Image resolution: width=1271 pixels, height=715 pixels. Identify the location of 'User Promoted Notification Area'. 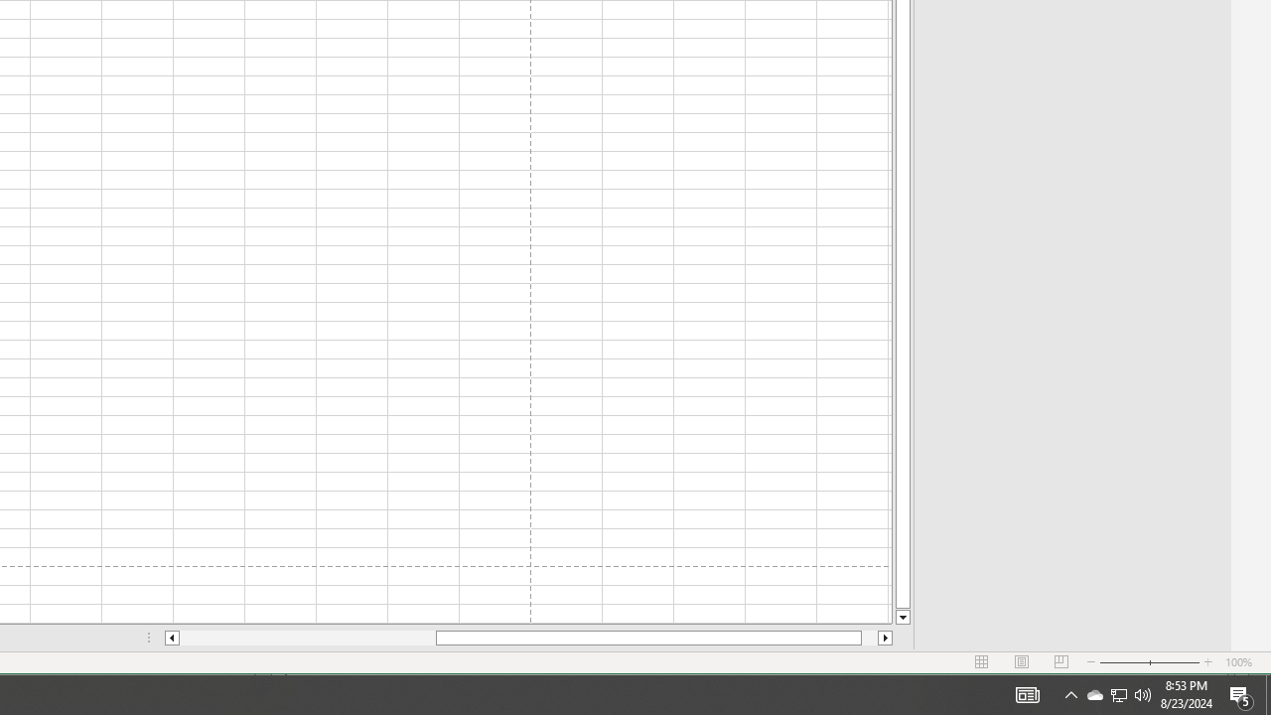
(1119, 693).